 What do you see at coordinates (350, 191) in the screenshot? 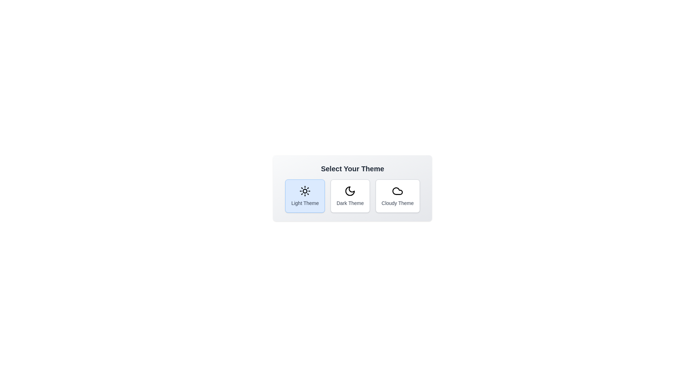
I see `the 'Dark Theme' icon for keyboard navigation` at bounding box center [350, 191].